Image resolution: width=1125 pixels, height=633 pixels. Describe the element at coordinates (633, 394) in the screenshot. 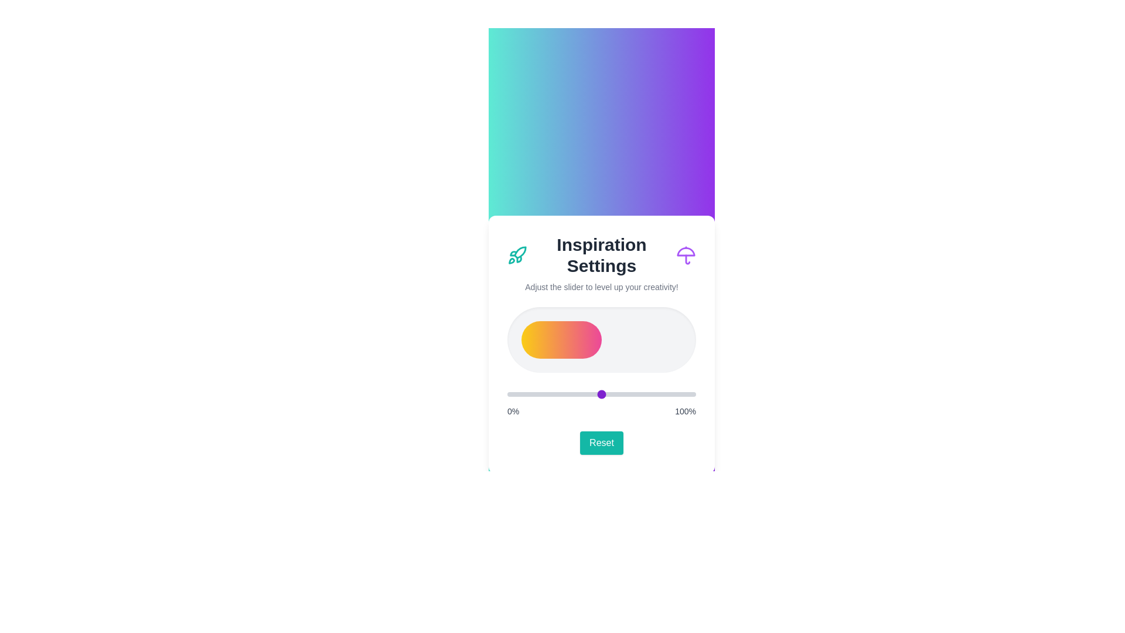

I see `the slider to 67%` at that location.